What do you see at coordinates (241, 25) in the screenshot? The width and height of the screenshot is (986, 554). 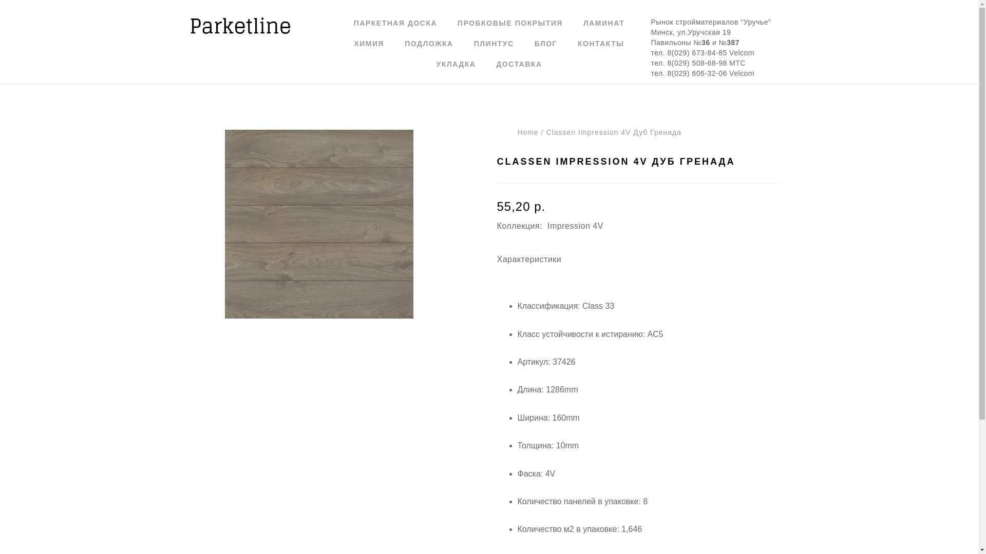 I see `'parketline.by'` at bounding box center [241, 25].